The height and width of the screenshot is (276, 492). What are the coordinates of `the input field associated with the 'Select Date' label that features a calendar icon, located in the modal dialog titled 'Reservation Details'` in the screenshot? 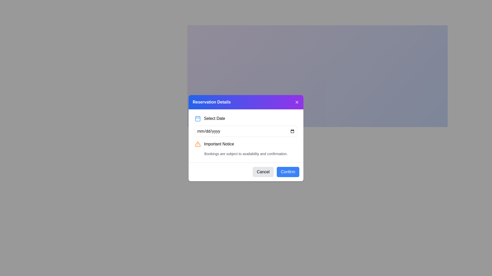 It's located at (246, 118).